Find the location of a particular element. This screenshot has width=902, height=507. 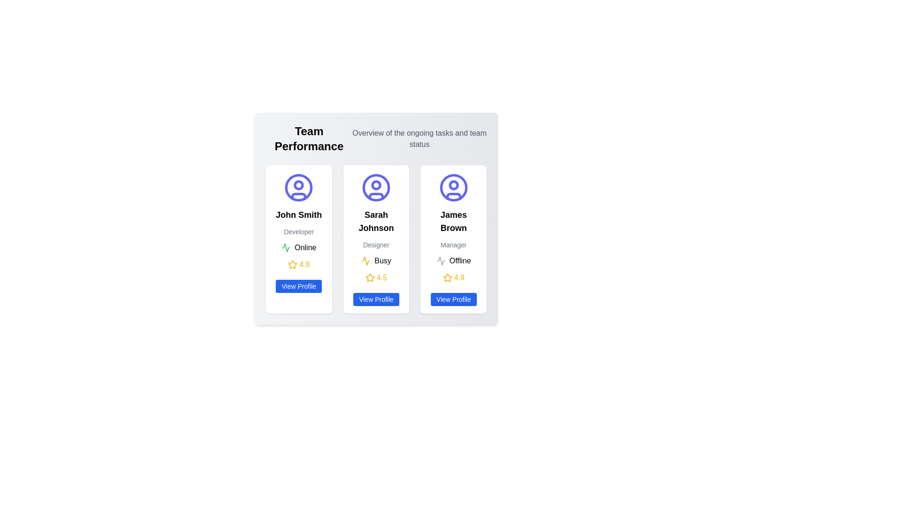

the button that displays 'View Profile' for 'John Smith' is located at coordinates (298, 285).